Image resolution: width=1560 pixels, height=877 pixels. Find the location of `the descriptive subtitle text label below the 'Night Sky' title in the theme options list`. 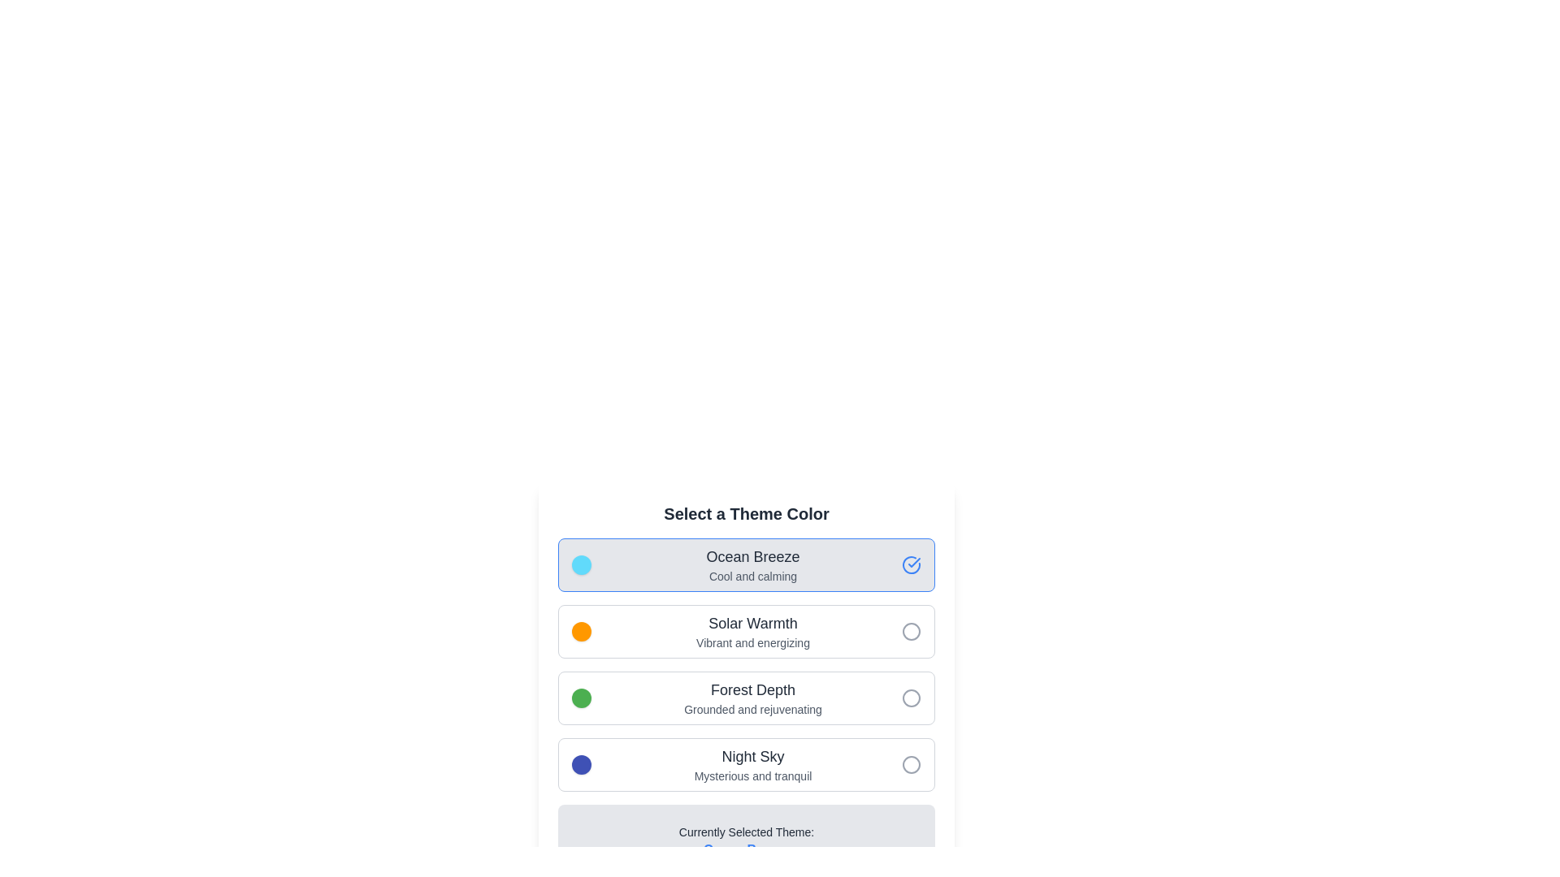

the descriptive subtitle text label below the 'Night Sky' title in the theme options list is located at coordinates (752, 775).